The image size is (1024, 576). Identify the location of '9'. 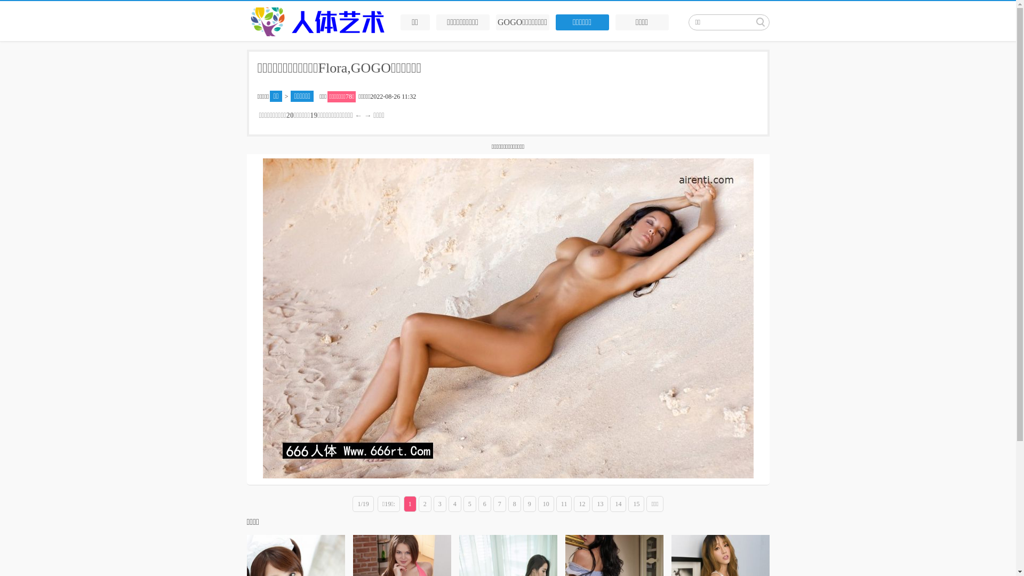
(523, 504).